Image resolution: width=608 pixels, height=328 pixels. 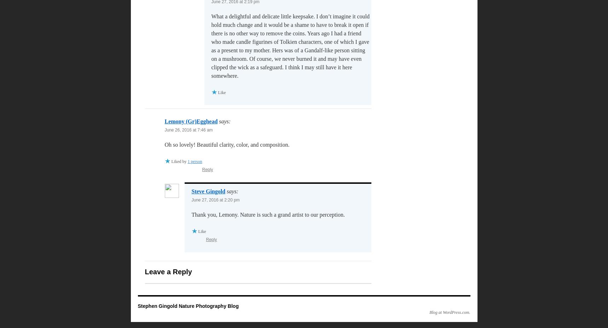 I want to click on 'Leave a Reply', so click(x=168, y=271).